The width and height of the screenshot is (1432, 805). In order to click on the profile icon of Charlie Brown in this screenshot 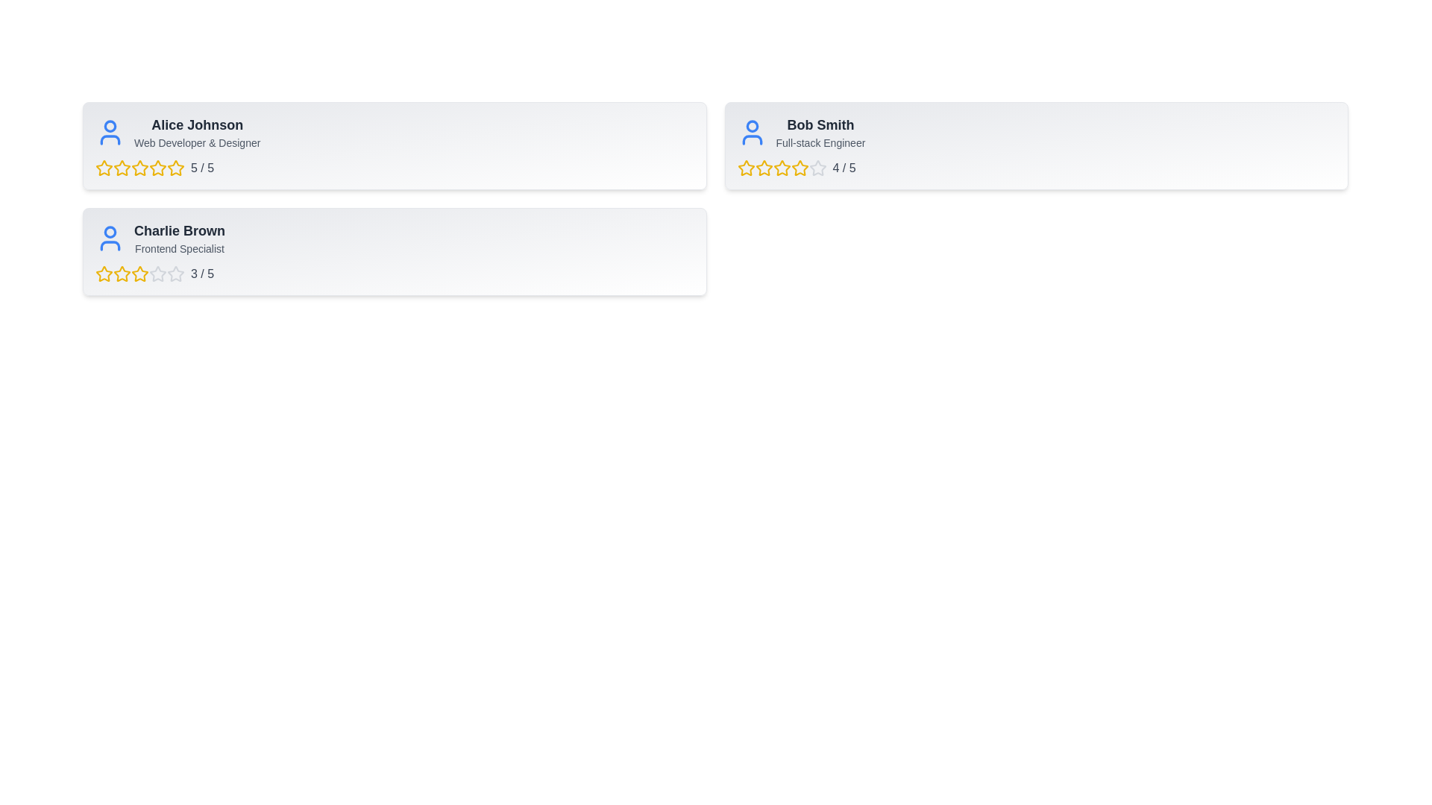, I will do `click(110, 238)`.